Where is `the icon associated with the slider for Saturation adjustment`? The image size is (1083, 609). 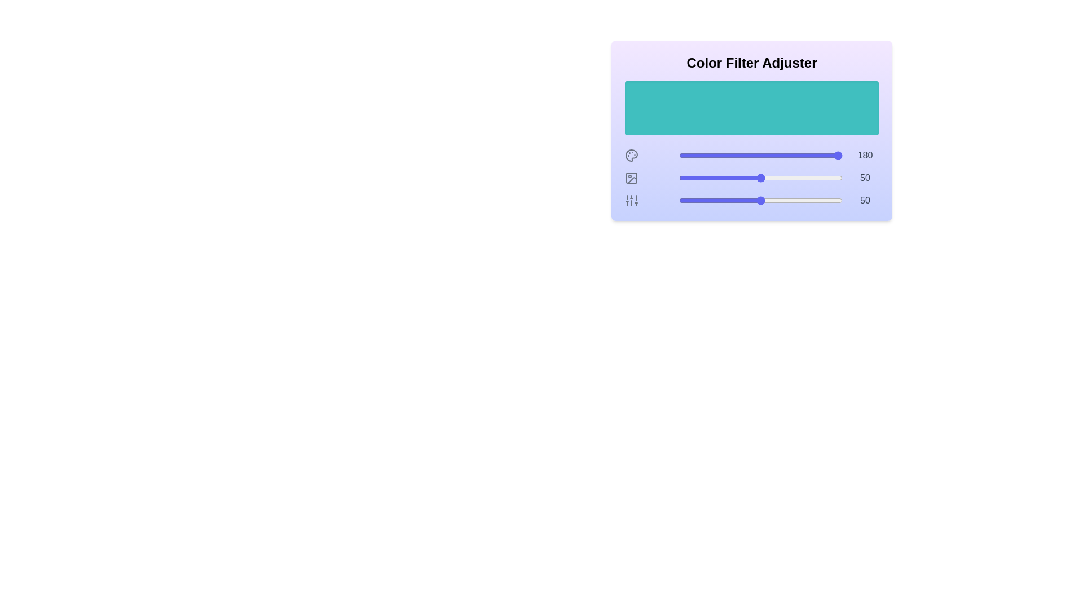
the icon associated with the slider for Saturation adjustment is located at coordinates (631, 178).